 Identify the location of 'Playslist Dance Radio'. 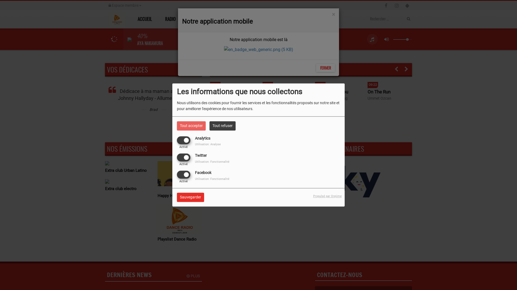
(157, 239).